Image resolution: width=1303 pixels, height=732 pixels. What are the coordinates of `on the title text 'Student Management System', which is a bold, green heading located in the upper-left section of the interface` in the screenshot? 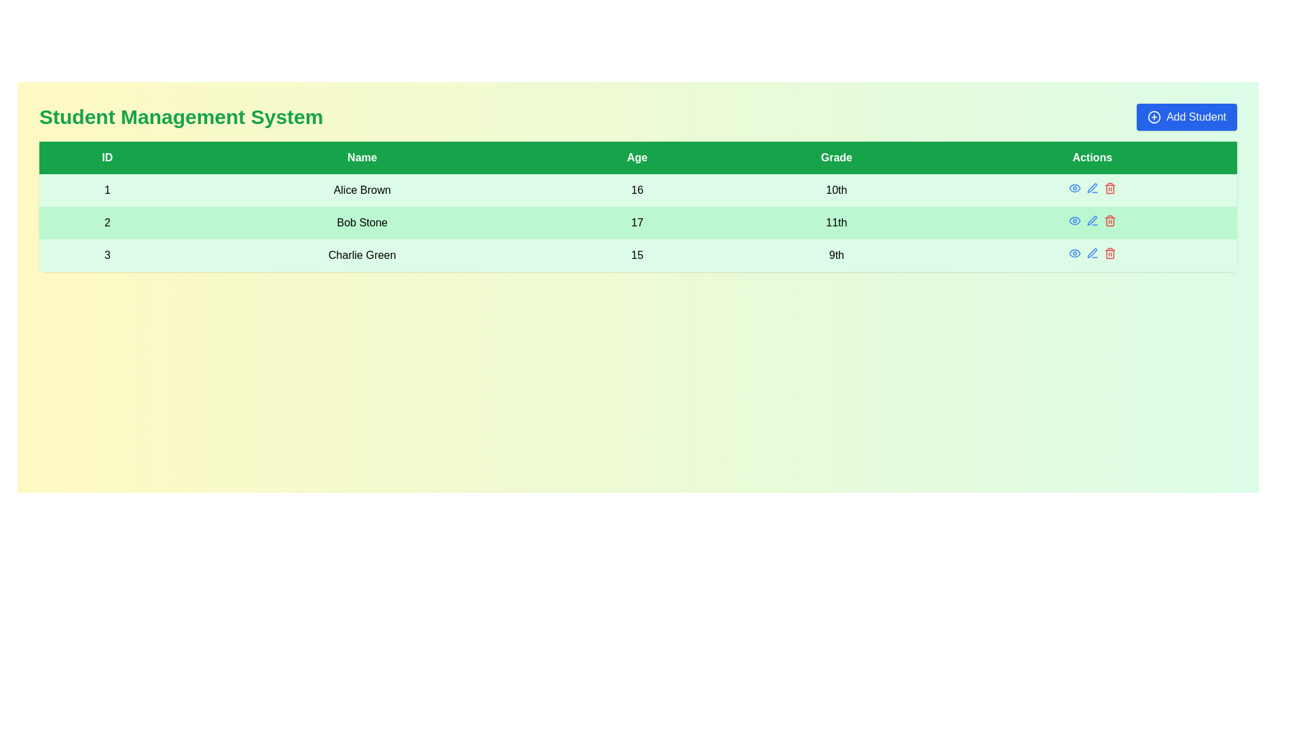 It's located at (181, 117).